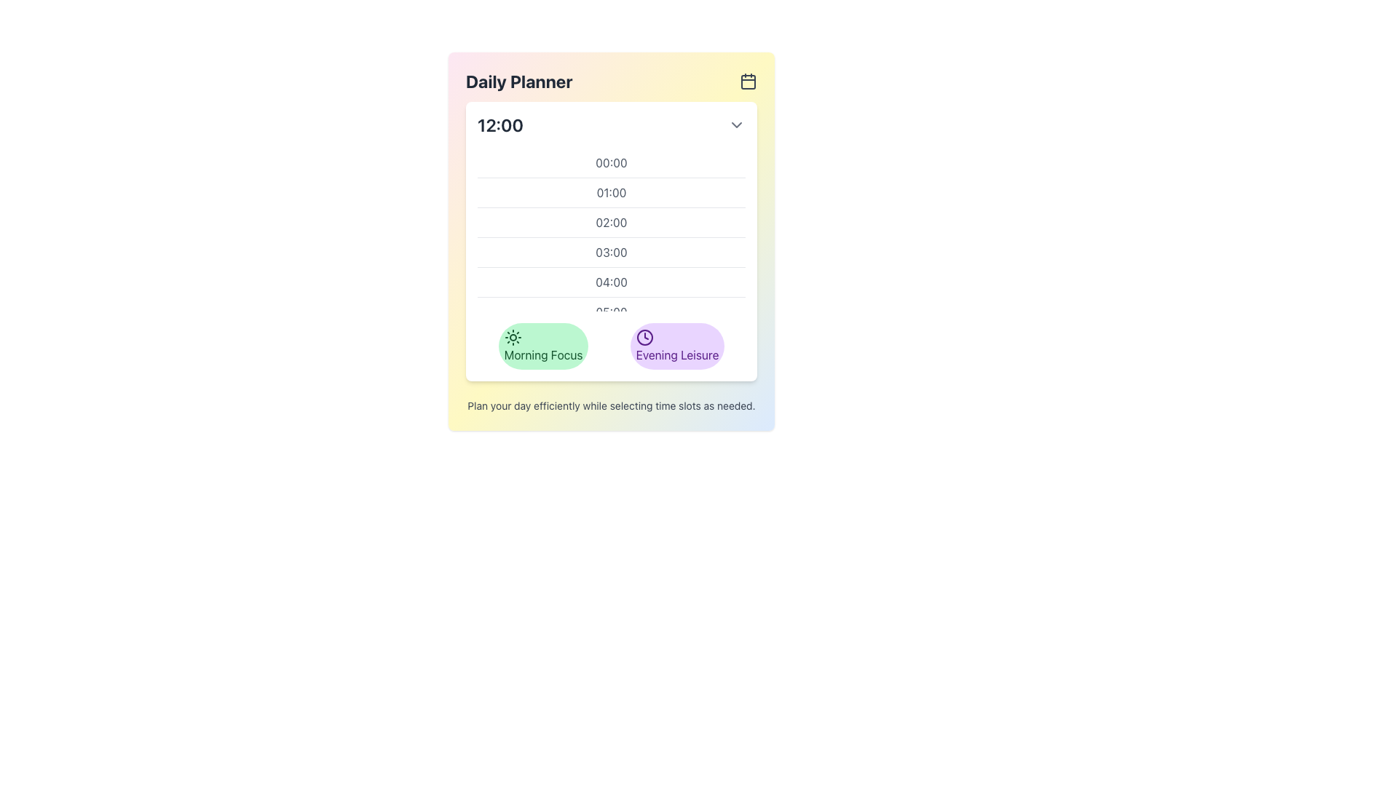  What do you see at coordinates (644, 337) in the screenshot?
I see `the SVG Circle element at the center of the clock icon in the purple-labeled 'Evening Leisure' section` at bounding box center [644, 337].